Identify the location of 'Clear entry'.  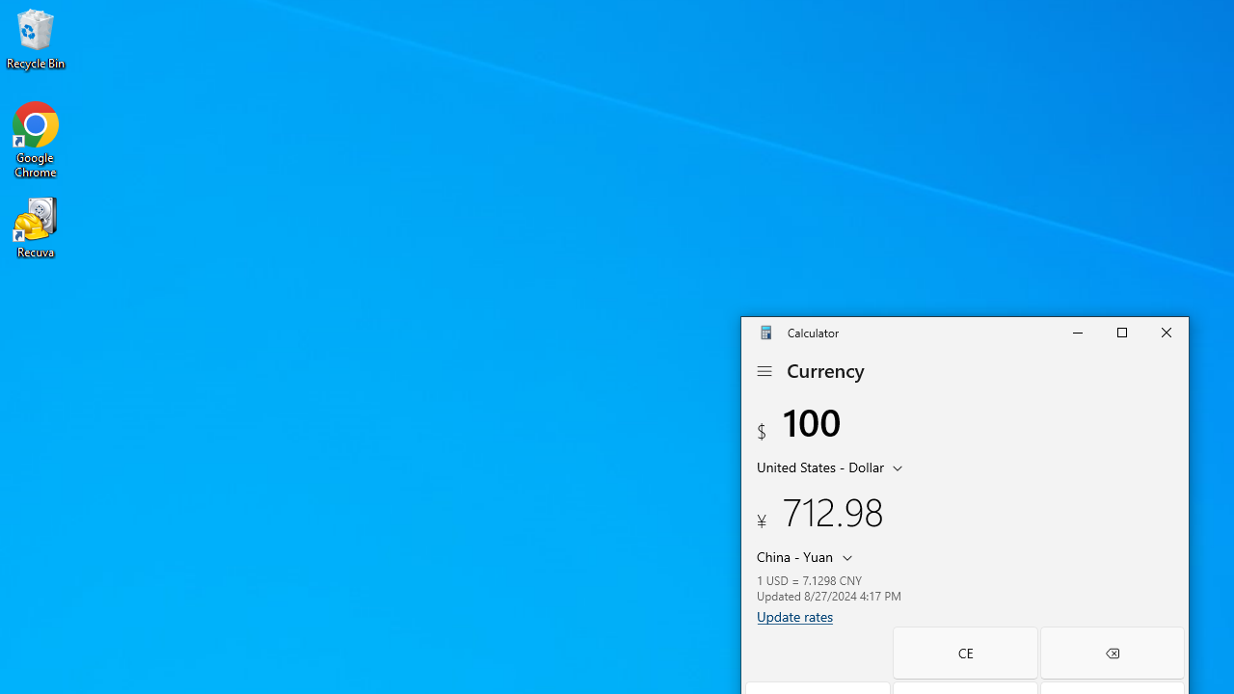
(964, 652).